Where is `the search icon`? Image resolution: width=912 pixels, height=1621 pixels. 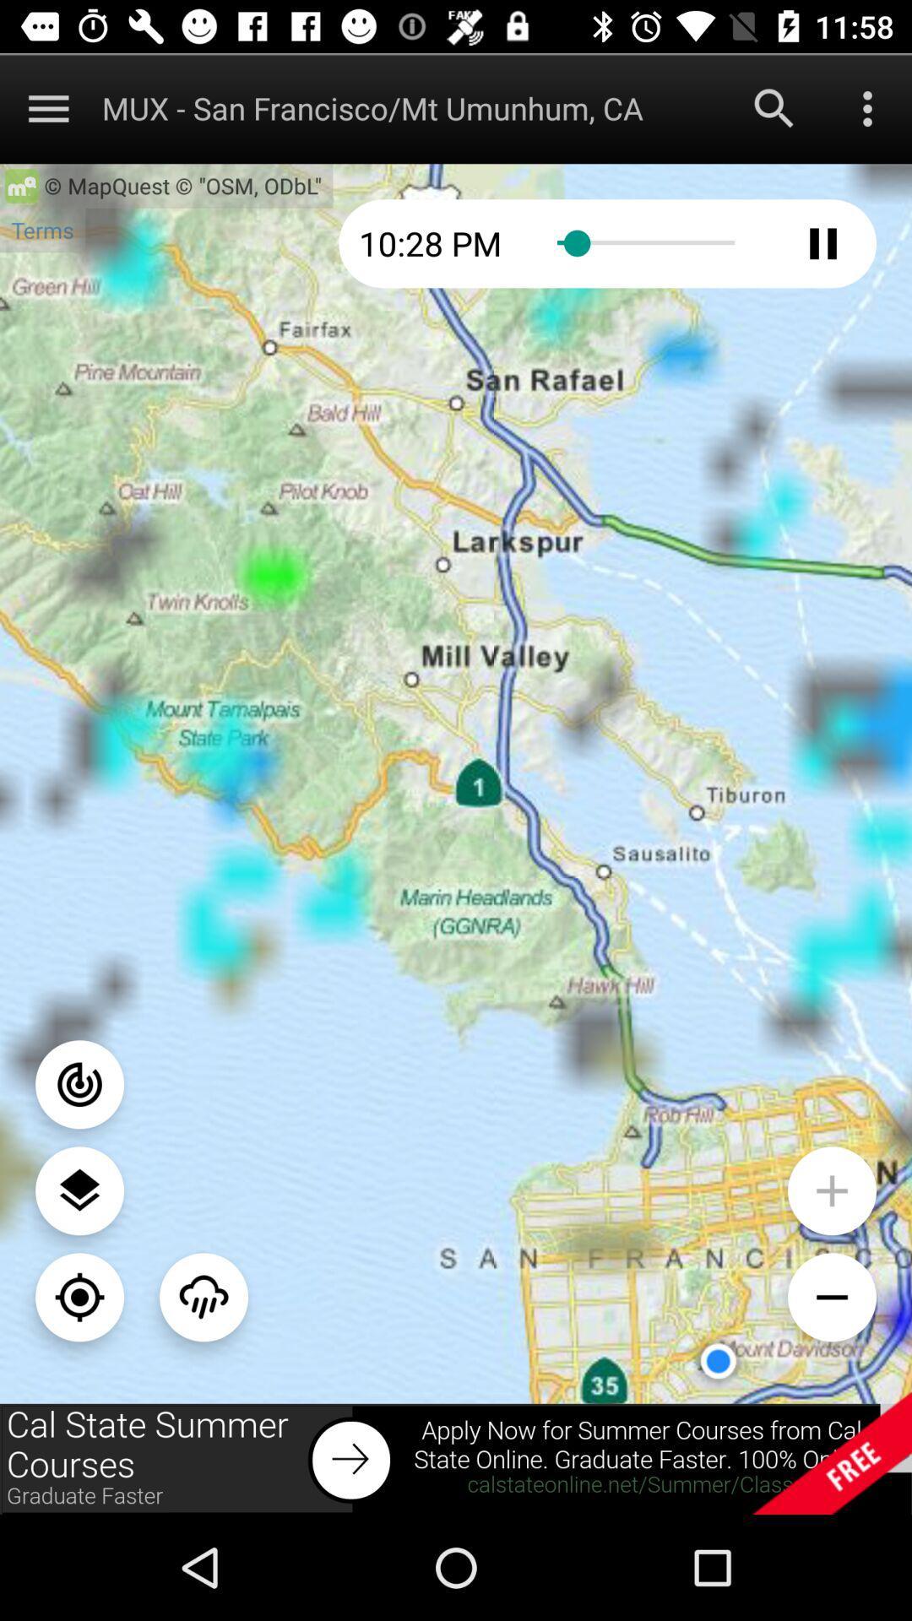 the search icon is located at coordinates (774, 107).